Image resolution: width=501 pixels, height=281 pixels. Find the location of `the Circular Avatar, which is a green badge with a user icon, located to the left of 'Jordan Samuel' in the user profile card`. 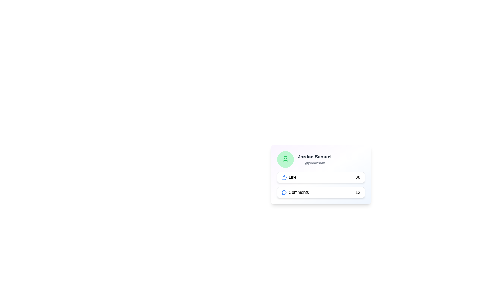

the Circular Avatar, which is a green badge with a user icon, located to the left of 'Jordan Samuel' in the user profile card is located at coordinates (285, 159).